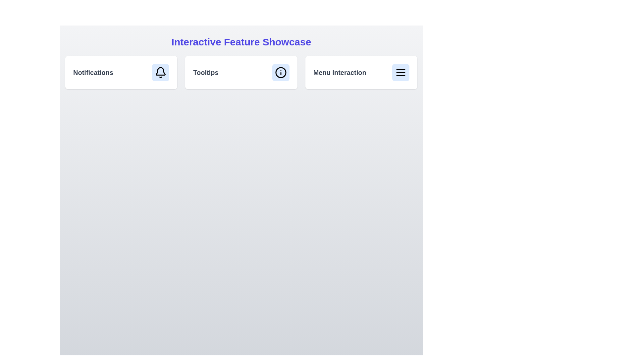 This screenshot has height=358, width=636. Describe the element at coordinates (400, 73) in the screenshot. I see `the hamburger menu icon located in the top-right card labeled 'Menu Interaction'` at that location.